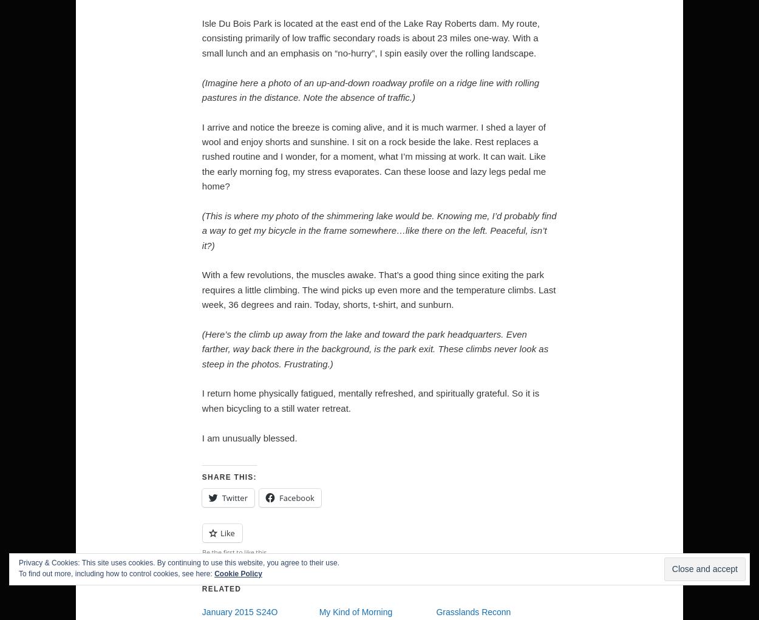 The width and height of the screenshot is (759, 620). Describe the element at coordinates (19, 573) in the screenshot. I see `'To find out more, including how to control cookies, see here:'` at that location.